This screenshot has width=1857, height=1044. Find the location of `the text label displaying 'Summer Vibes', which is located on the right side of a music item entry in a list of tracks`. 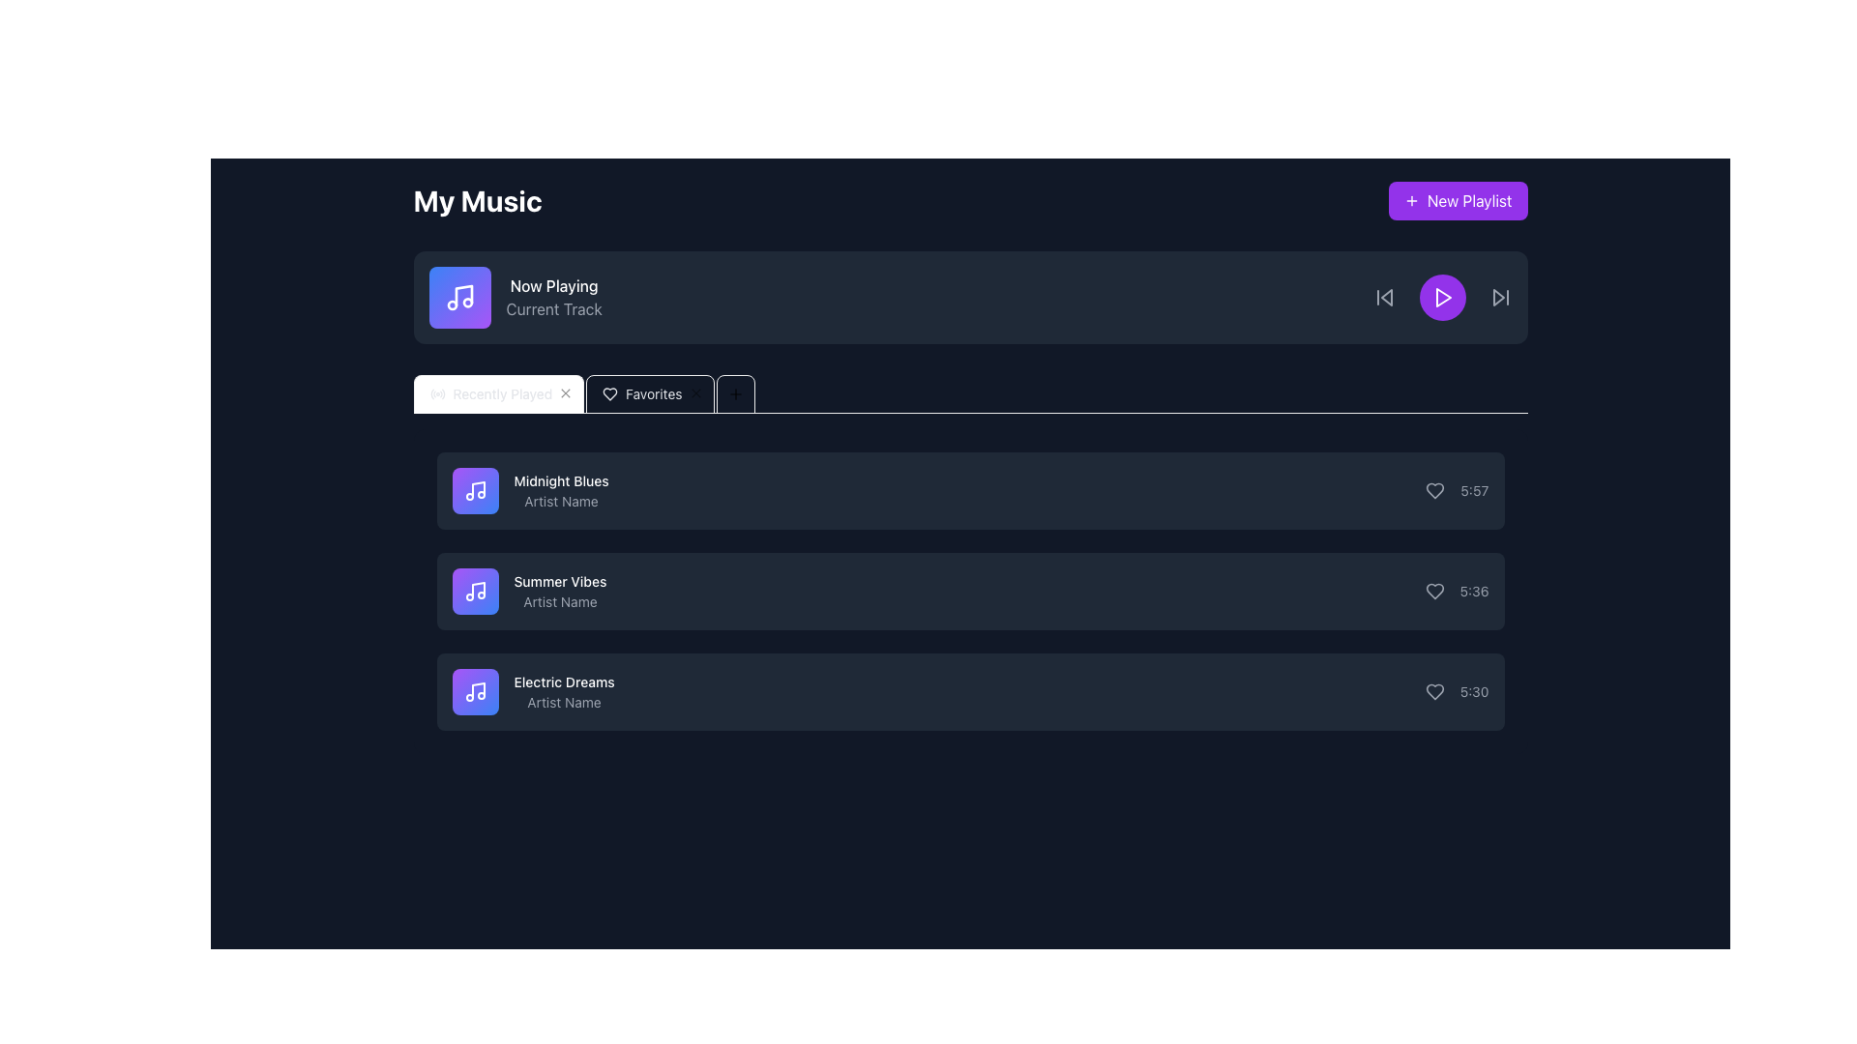

the text label displaying 'Summer Vibes', which is located on the right side of a music item entry in a list of tracks is located at coordinates (559, 580).